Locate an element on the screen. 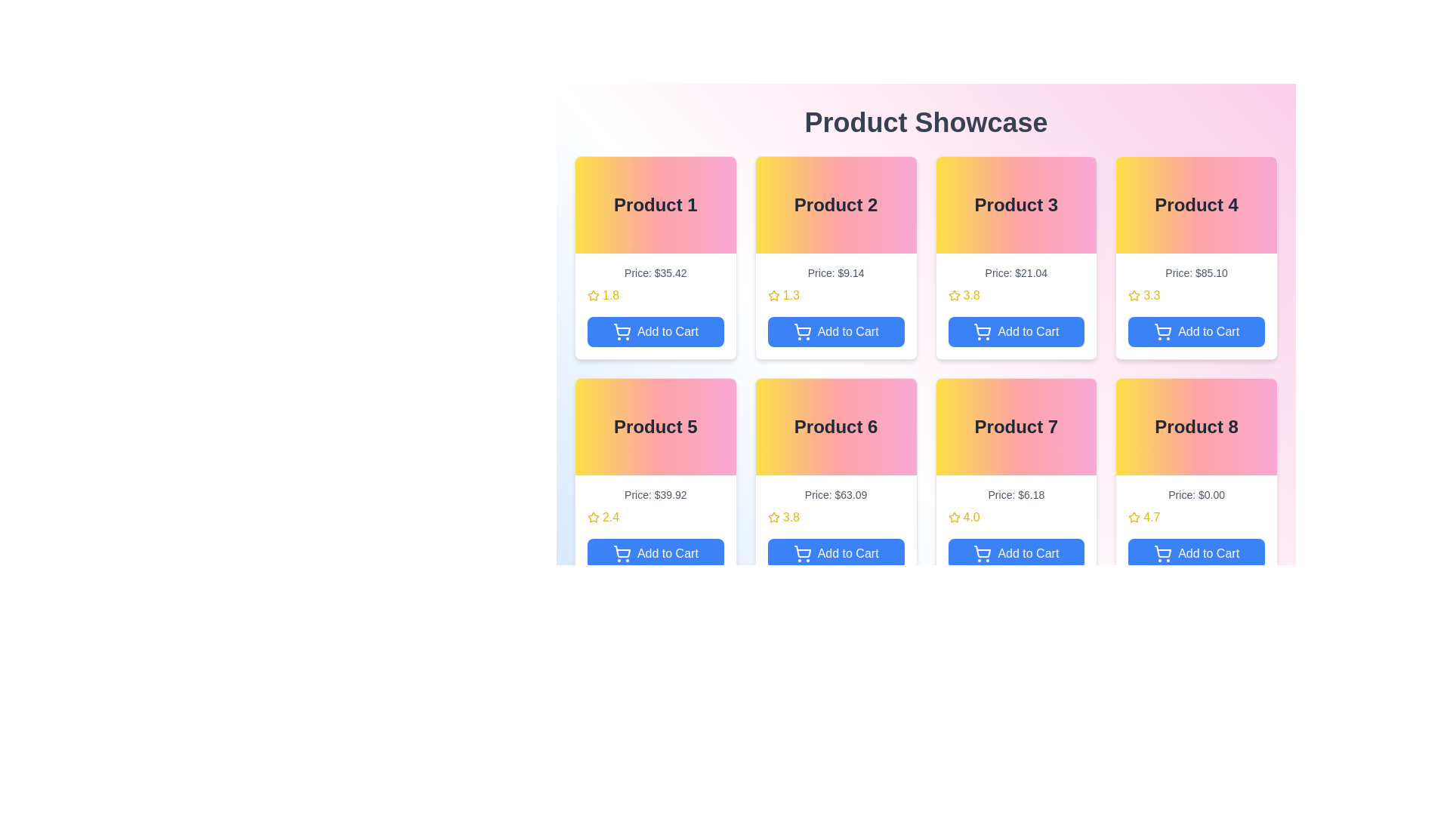  the 'Add to Cart' button for 'Product 4', which is located at the bottom of the card in the top row, fourth column of the card grid is located at coordinates (1195, 331).